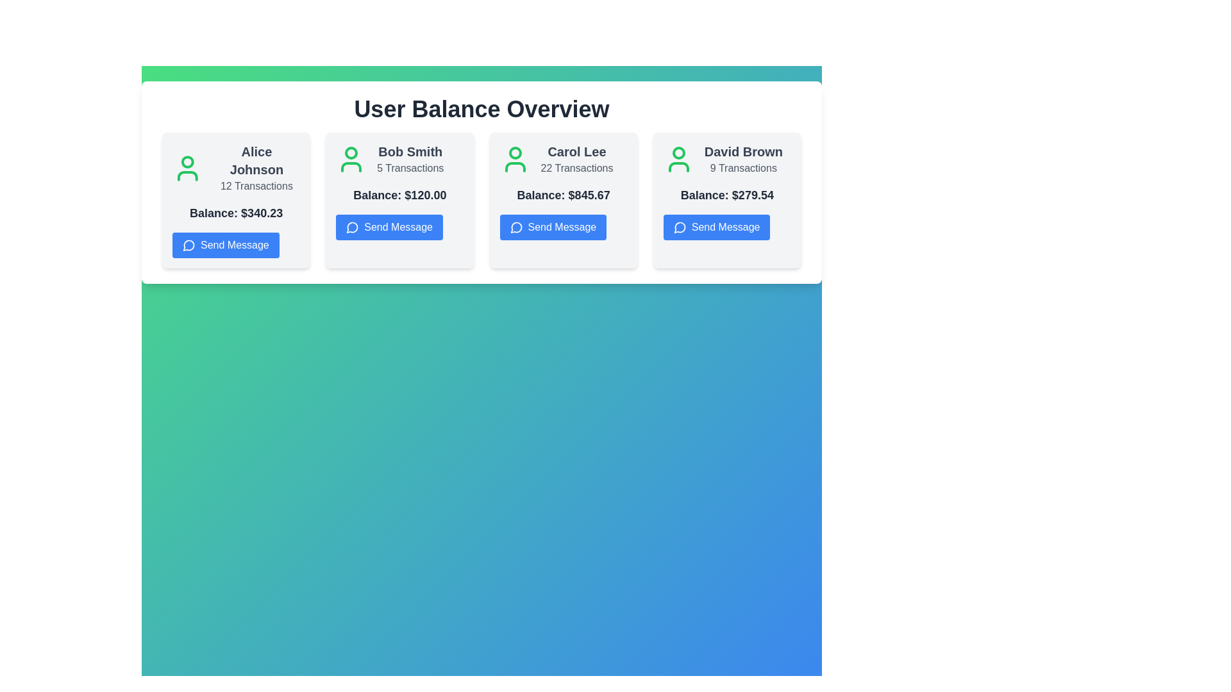 The width and height of the screenshot is (1231, 692). I want to click on the third card component in the grid layout, so click(564, 200).